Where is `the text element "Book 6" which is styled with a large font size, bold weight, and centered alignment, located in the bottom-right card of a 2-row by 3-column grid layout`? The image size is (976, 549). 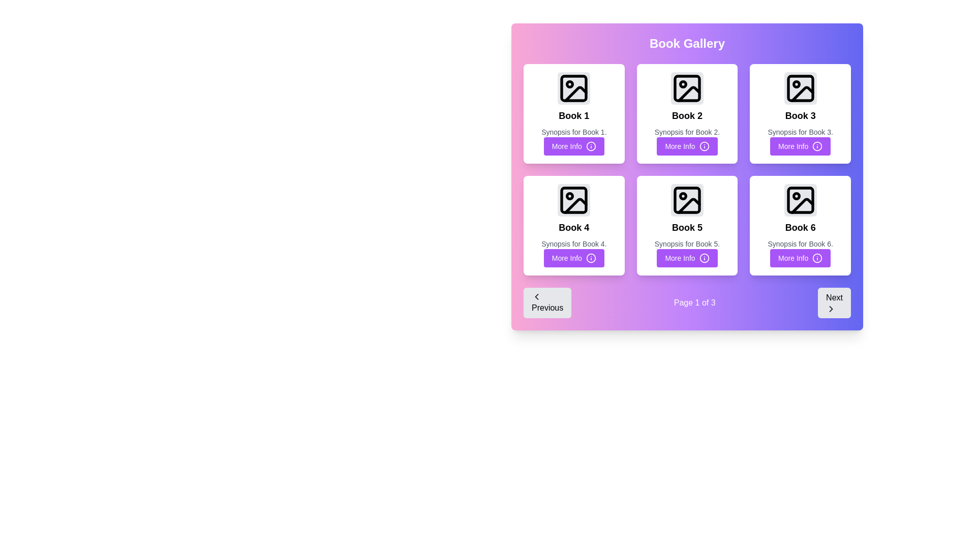
the text element "Book 6" which is styled with a large font size, bold weight, and centered alignment, located in the bottom-right card of a 2-row by 3-column grid layout is located at coordinates (800, 227).